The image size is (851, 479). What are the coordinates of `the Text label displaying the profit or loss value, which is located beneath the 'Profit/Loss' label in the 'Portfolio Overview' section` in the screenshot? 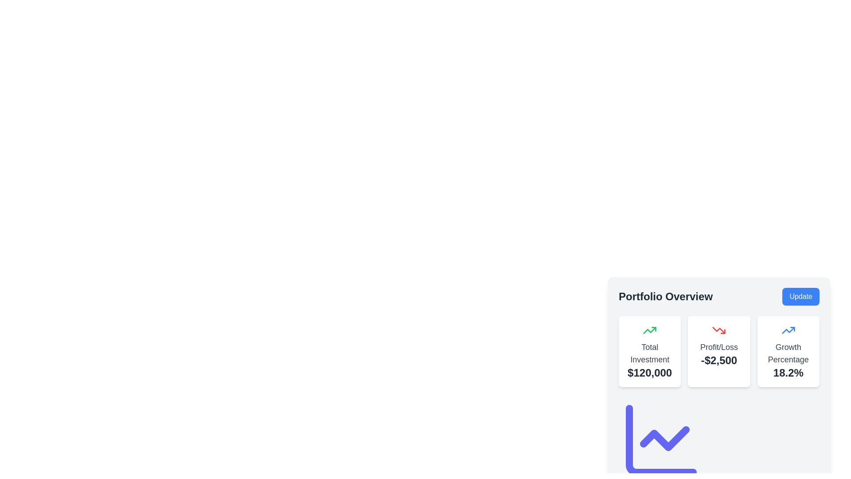 It's located at (719, 361).